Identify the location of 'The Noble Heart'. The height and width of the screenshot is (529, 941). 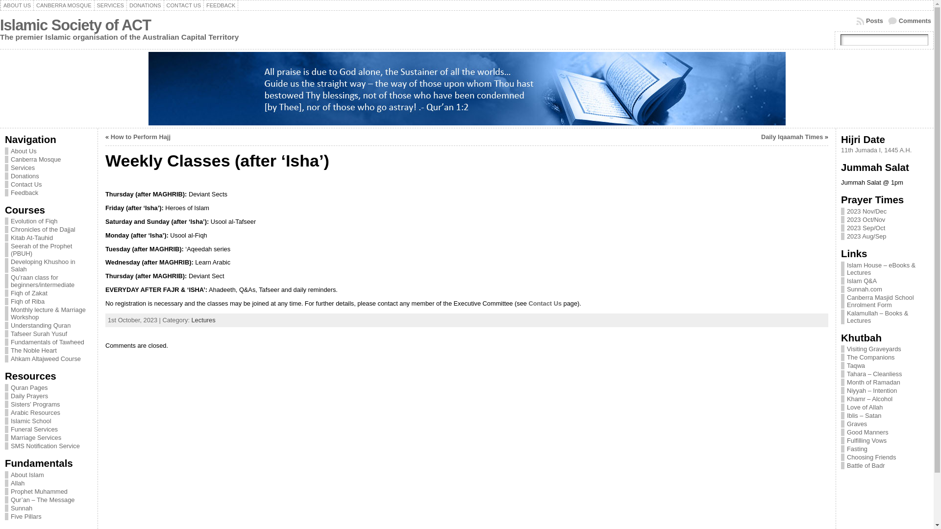
(48, 350).